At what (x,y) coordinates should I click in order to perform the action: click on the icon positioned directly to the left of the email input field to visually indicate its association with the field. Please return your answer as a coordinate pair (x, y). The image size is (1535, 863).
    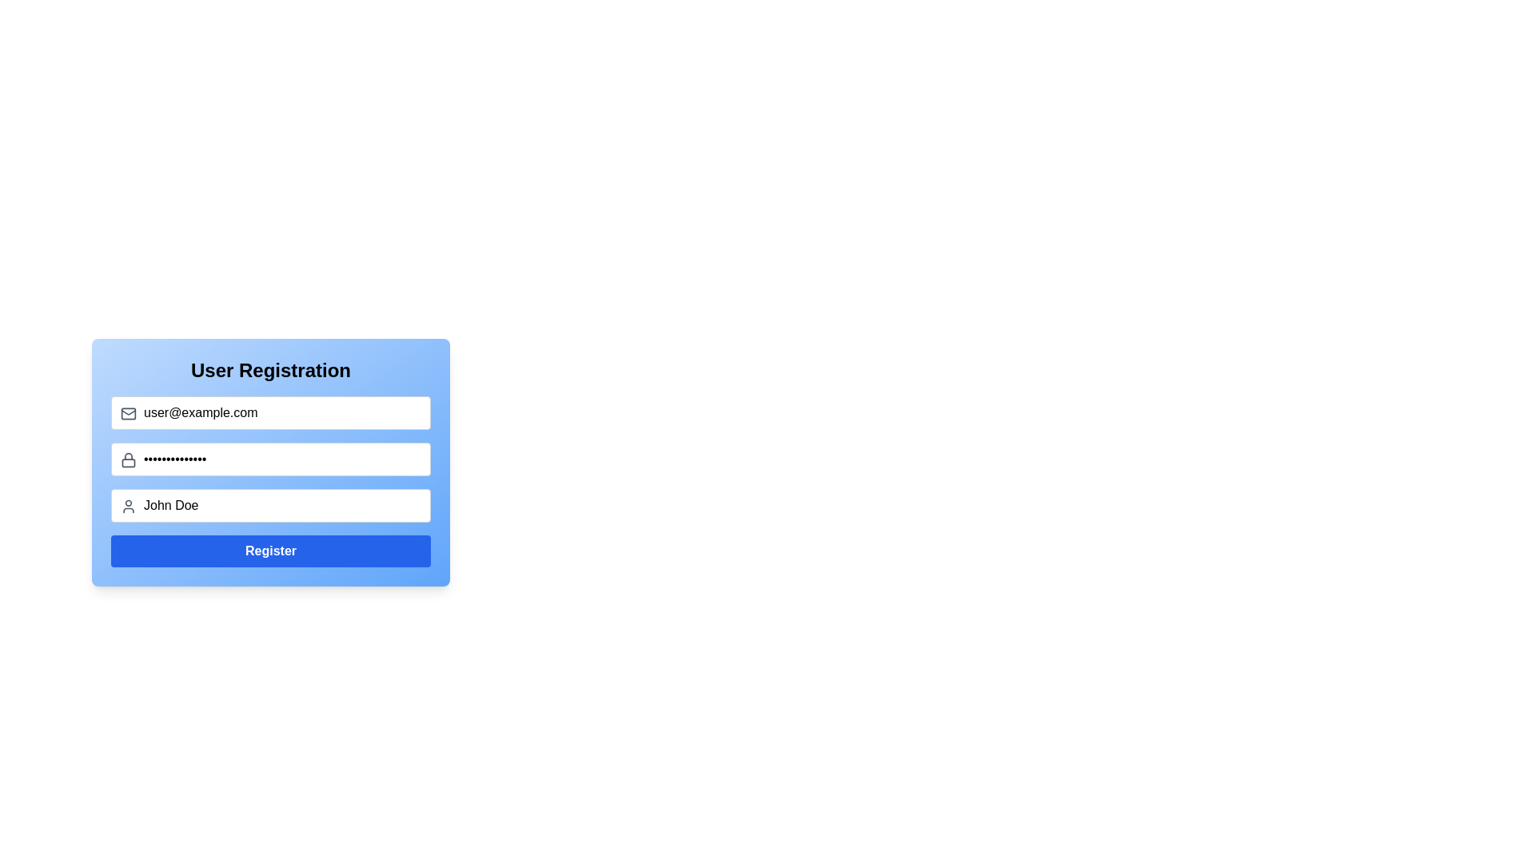
    Looking at the image, I should click on (129, 412).